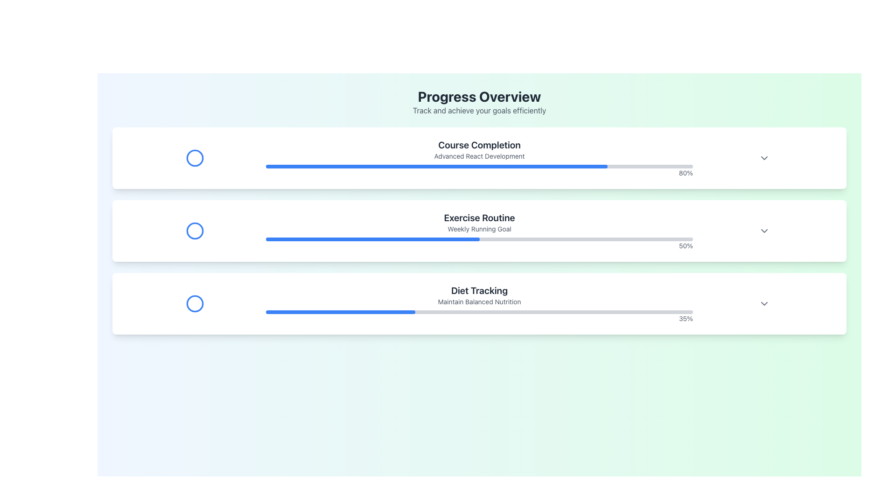 This screenshot has width=896, height=504. Describe the element at coordinates (182, 158) in the screenshot. I see `the slider handle` at that location.